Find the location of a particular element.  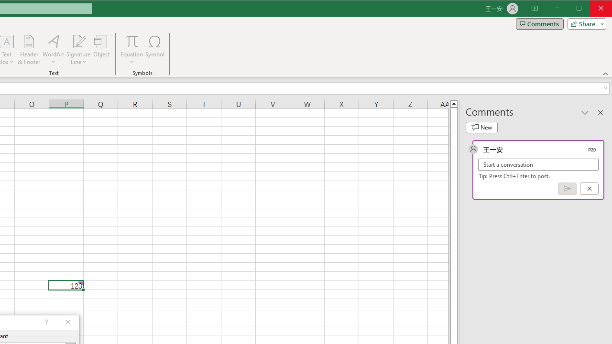

'WordArt' is located at coordinates (53, 50).